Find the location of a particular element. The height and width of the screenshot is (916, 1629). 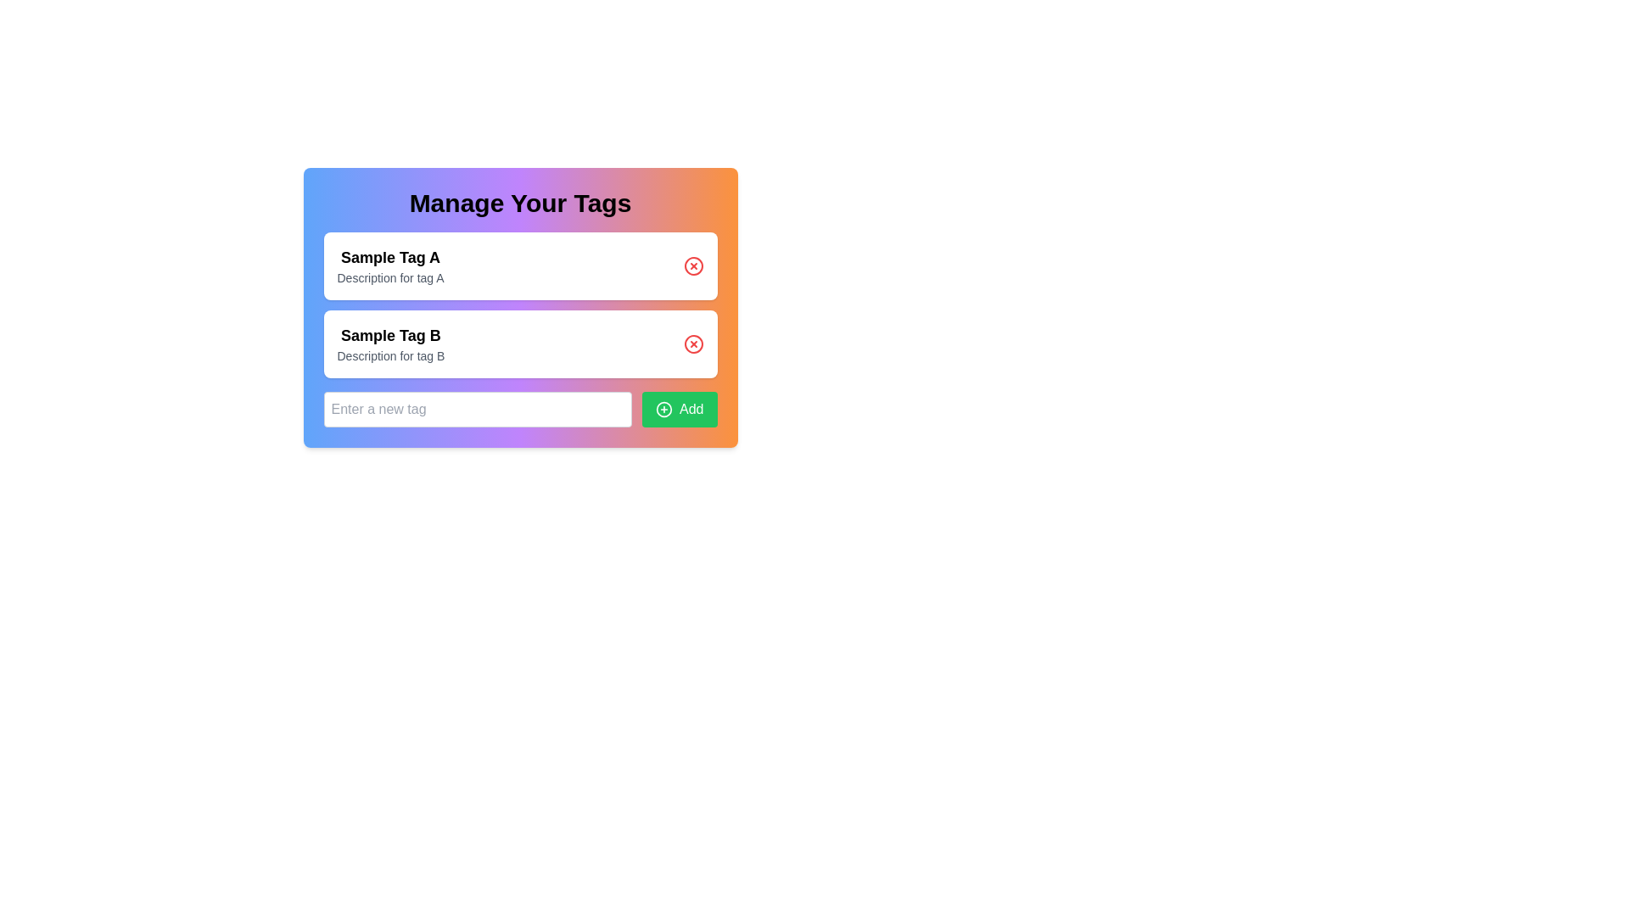

the graphical circle element of the delete button located to the right of 'Sample Tag A' to initiate the delete action is located at coordinates (693, 265).